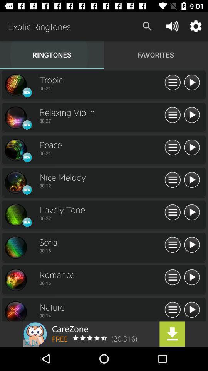  Describe the element at coordinates (173, 245) in the screenshot. I see `open ringtone options` at that location.